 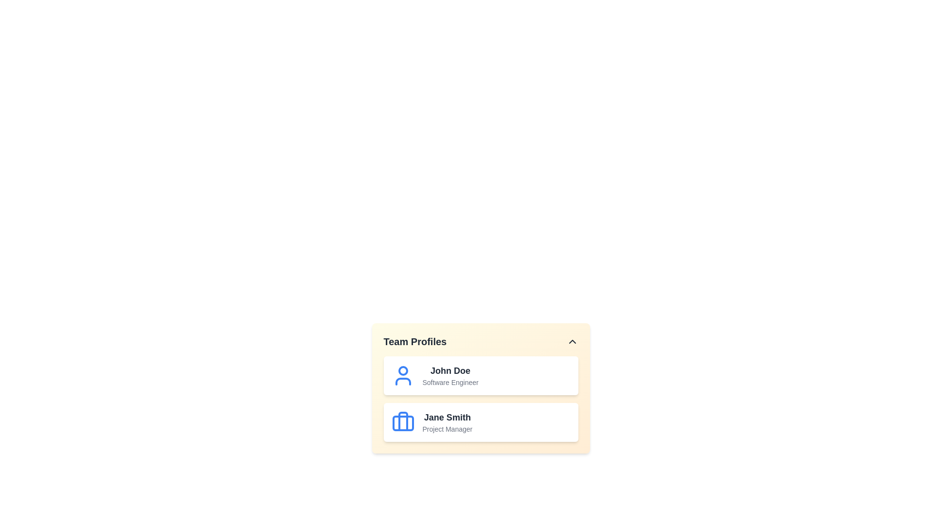 What do you see at coordinates (481, 375) in the screenshot?
I see `displayed information from the first Profile card in the team profiles list, which contains the individual's name and role, positioned directly above Jane Smith's card` at bounding box center [481, 375].